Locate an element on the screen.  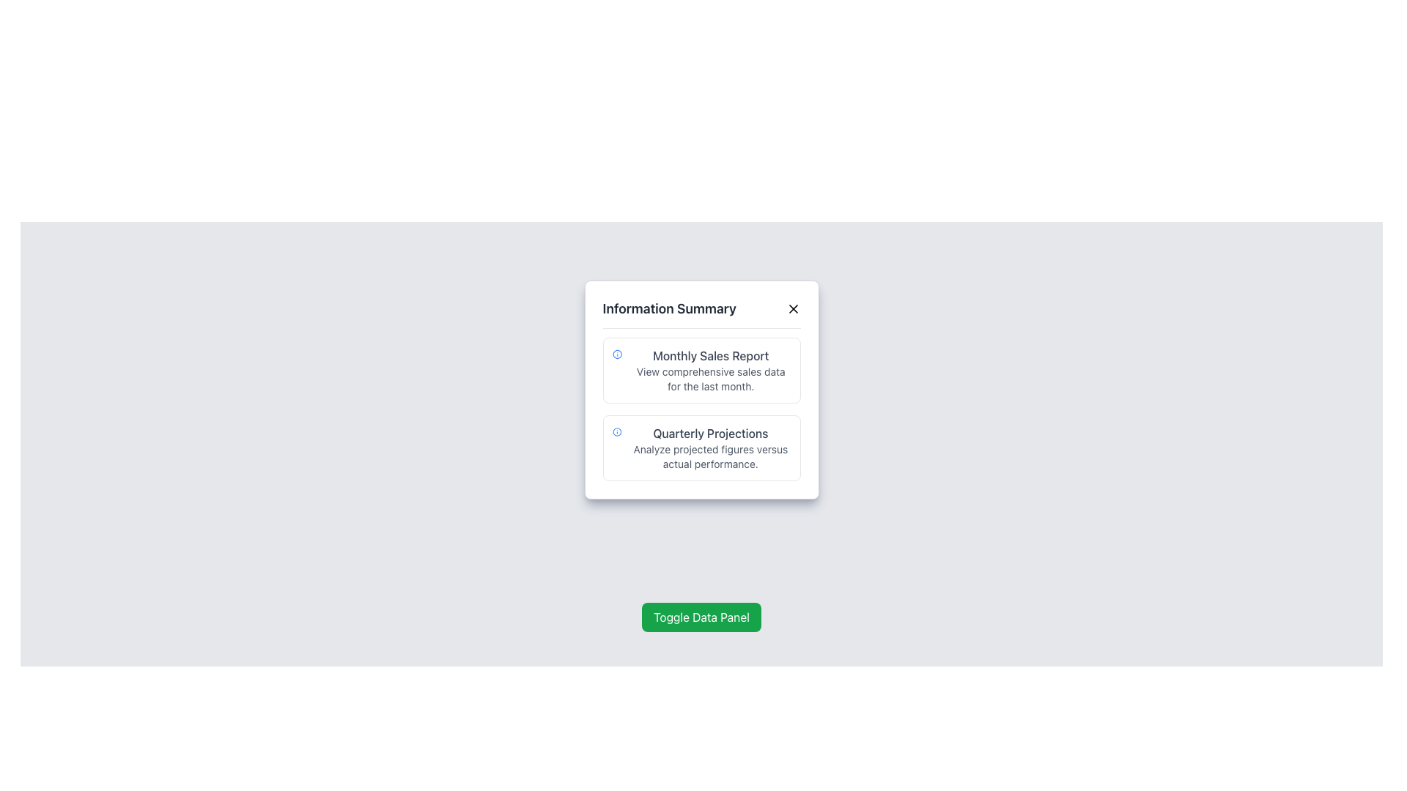
the circular informational icon ('i') styled in blue, located to the left of 'Monthly Sales Report' is located at coordinates (617, 354).